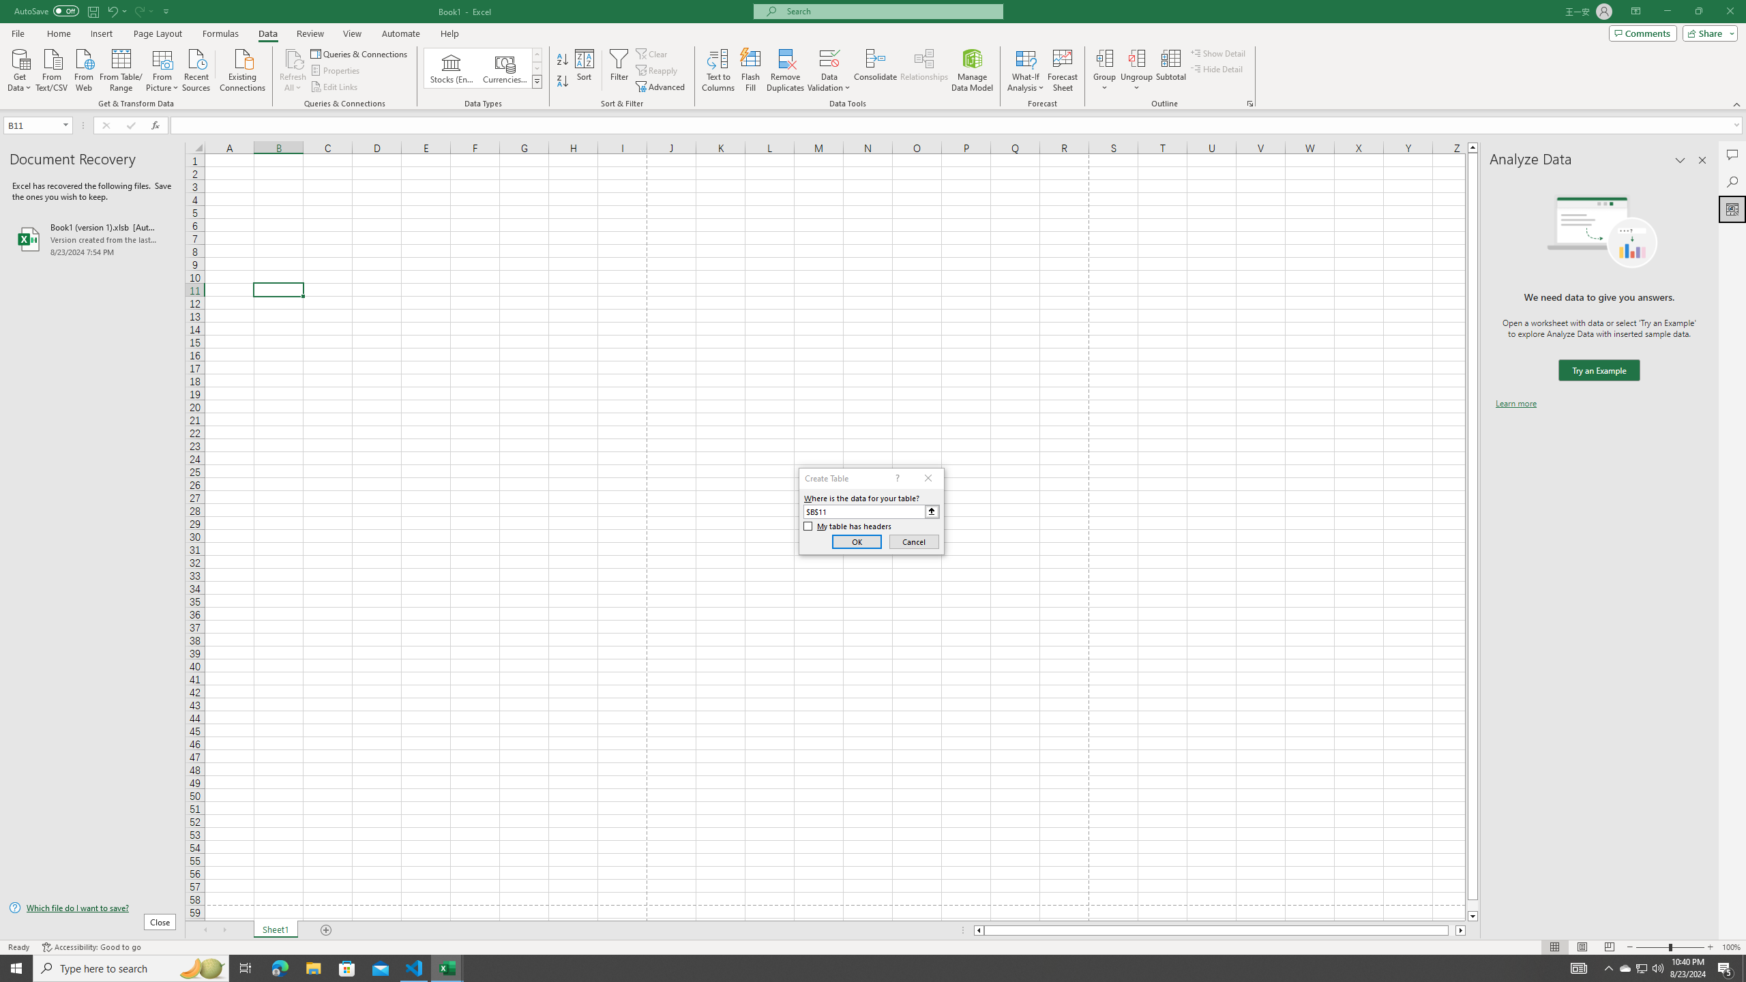 This screenshot has height=982, width=1746. Describe the element at coordinates (37, 125) in the screenshot. I see `'Name Box'` at that location.